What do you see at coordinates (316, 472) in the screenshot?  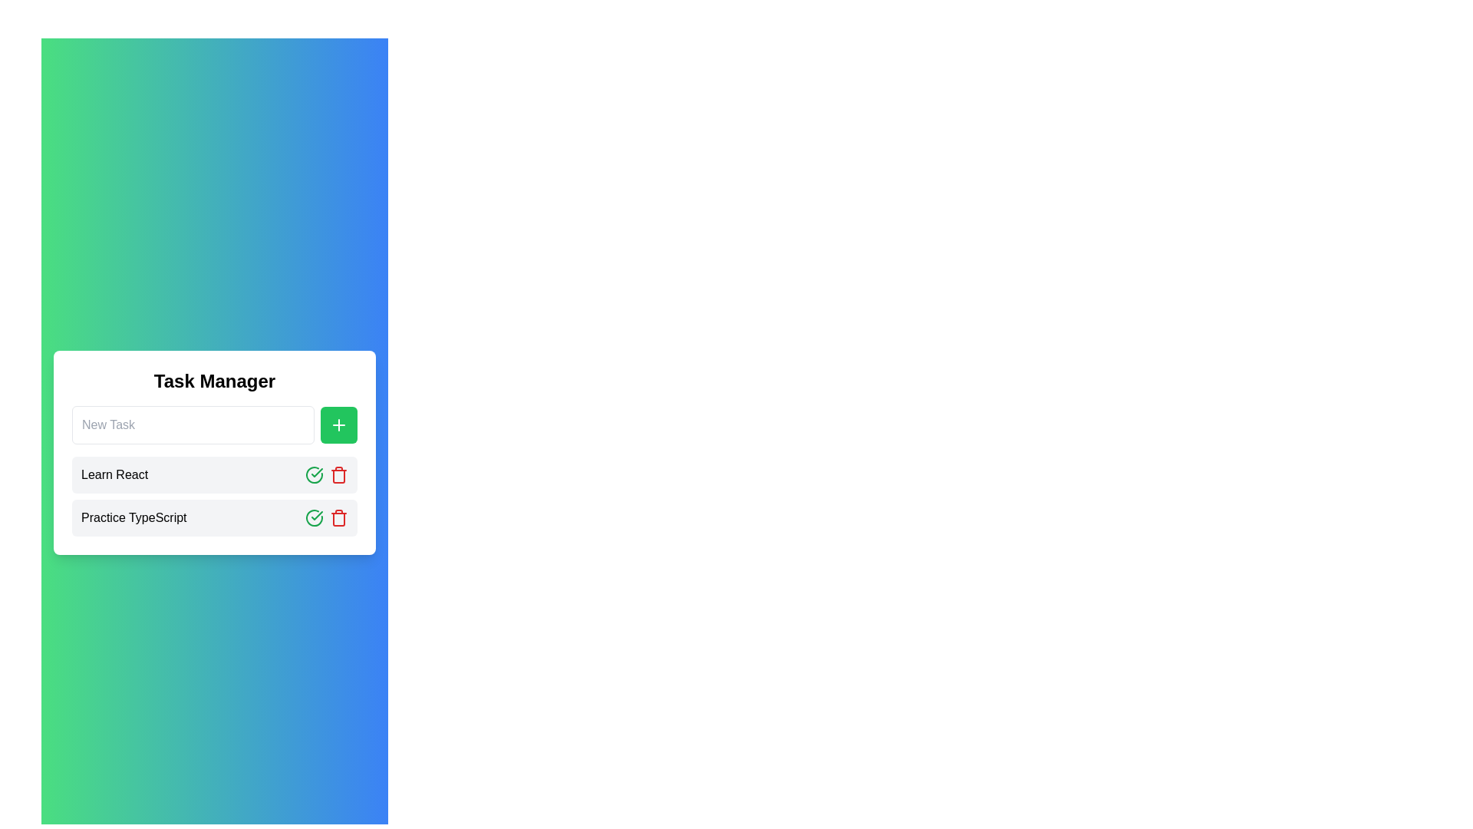 I see `the 'tick within a circle' icon button located to the right of the 'Practice TypeScript' text to possibly display a tooltip` at bounding box center [316, 472].